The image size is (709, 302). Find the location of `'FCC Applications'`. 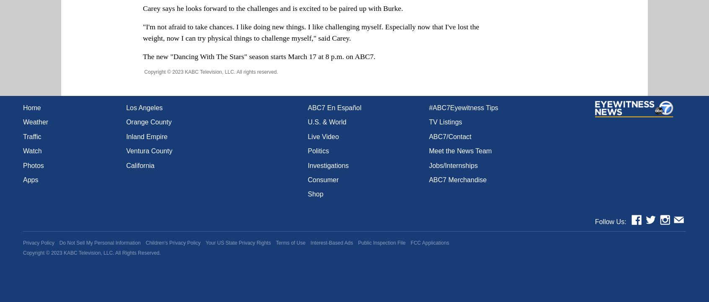

'FCC Applications' is located at coordinates (429, 242).